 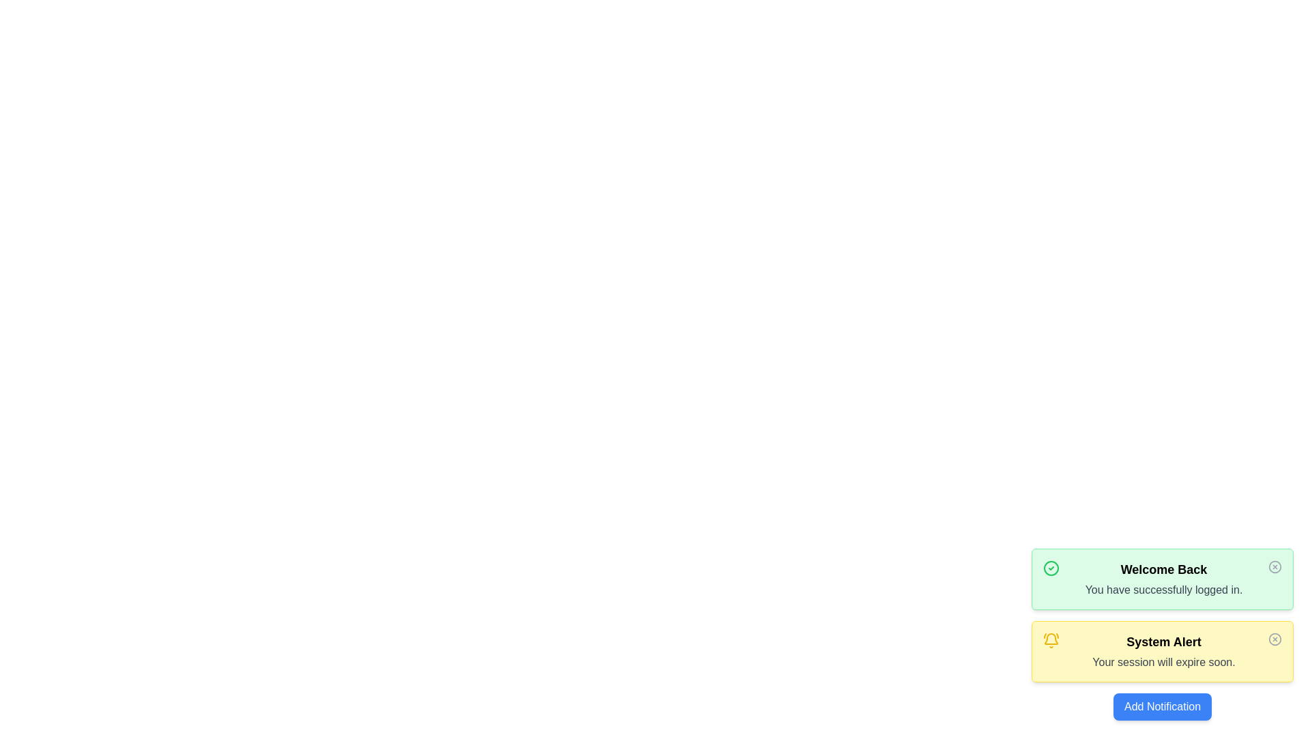 What do you see at coordinates (1163, 651) in the screenshot?
I see `message from the textual notification labeled 'System Alert' that indicates 'Your session will expire soon.' displayed over a yellow background` at bounding box center [1163, 651].